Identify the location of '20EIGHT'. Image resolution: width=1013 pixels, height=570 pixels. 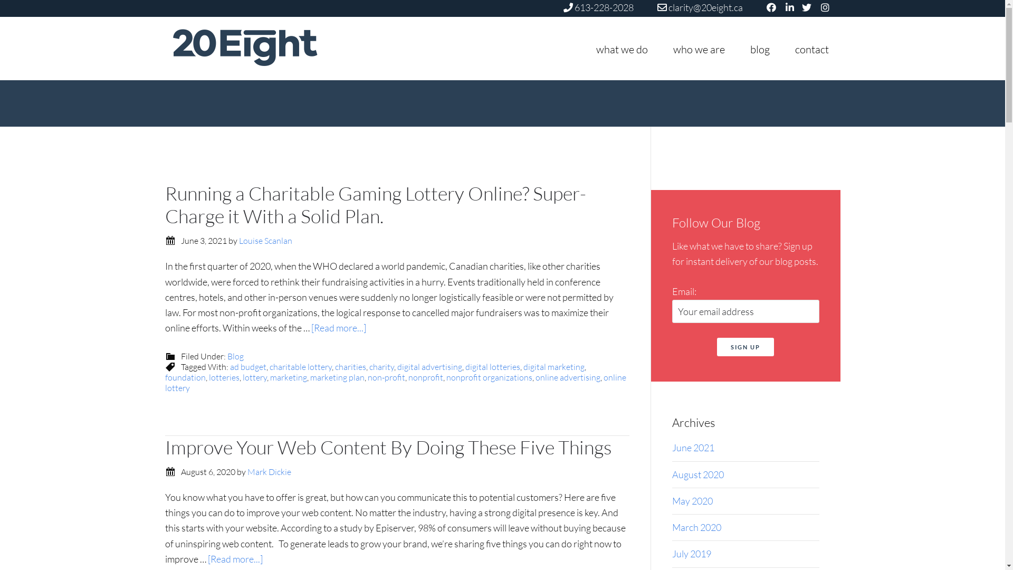
(259, 46).